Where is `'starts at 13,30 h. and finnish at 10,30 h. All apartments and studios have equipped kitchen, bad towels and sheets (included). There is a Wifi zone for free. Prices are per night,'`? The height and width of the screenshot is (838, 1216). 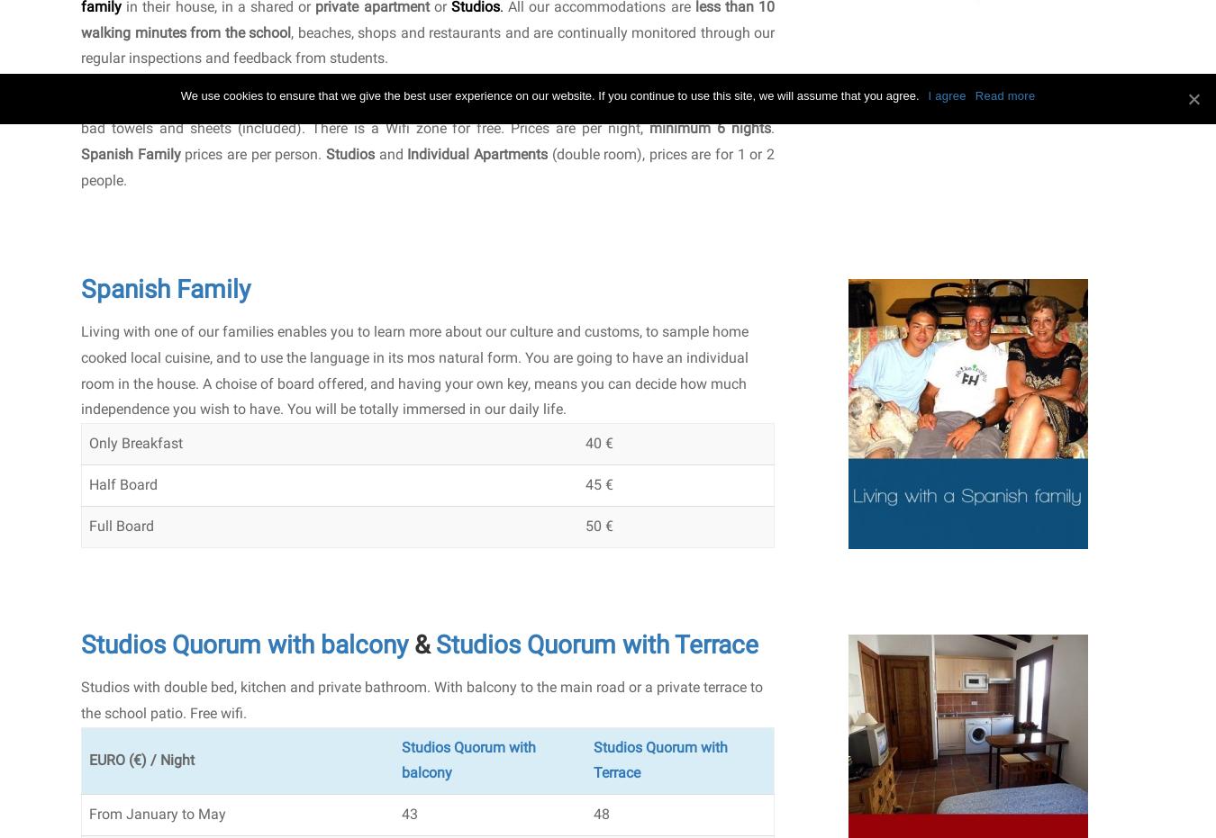
'starts at 13,30 h. and finnish at 10,30 h. All apartments and studios have equipped kitchen, bad towels and sheets (included). There is a Wifi zone for free. Prices are per night,' is located at coordinates (427, 114).